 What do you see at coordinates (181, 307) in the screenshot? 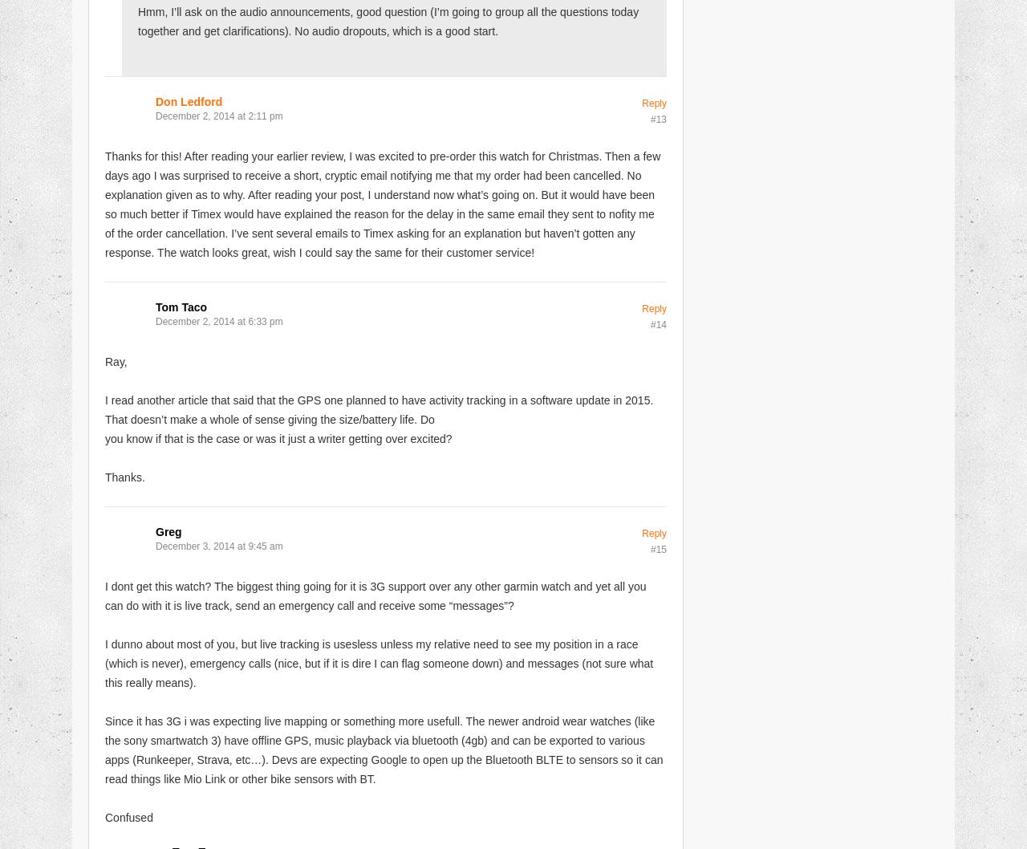
I see `'Tom Taco'` at bounding box center [181, 307].